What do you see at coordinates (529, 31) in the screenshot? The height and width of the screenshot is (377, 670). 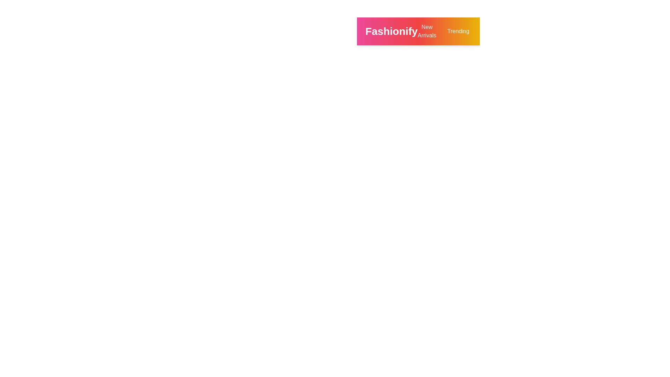 I see `the search icon to initiate a product search` at bounding box center [529, 31].